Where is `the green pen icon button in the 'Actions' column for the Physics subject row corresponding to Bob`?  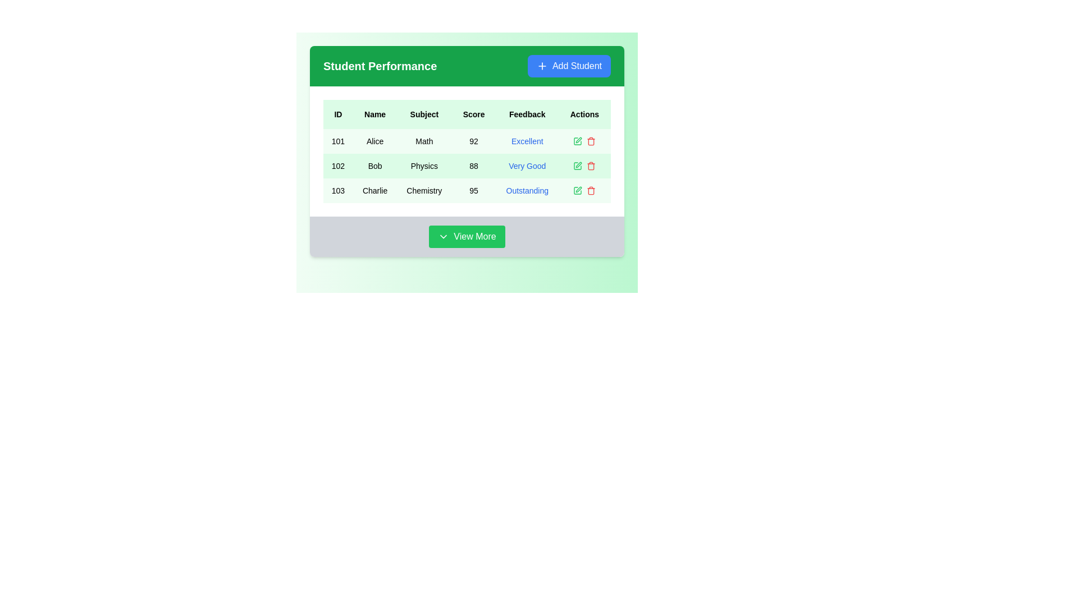 the green pen icon button in the 'Actions' column for the Physics subject row corresponding to Bob is located at coordinates (578, 140).